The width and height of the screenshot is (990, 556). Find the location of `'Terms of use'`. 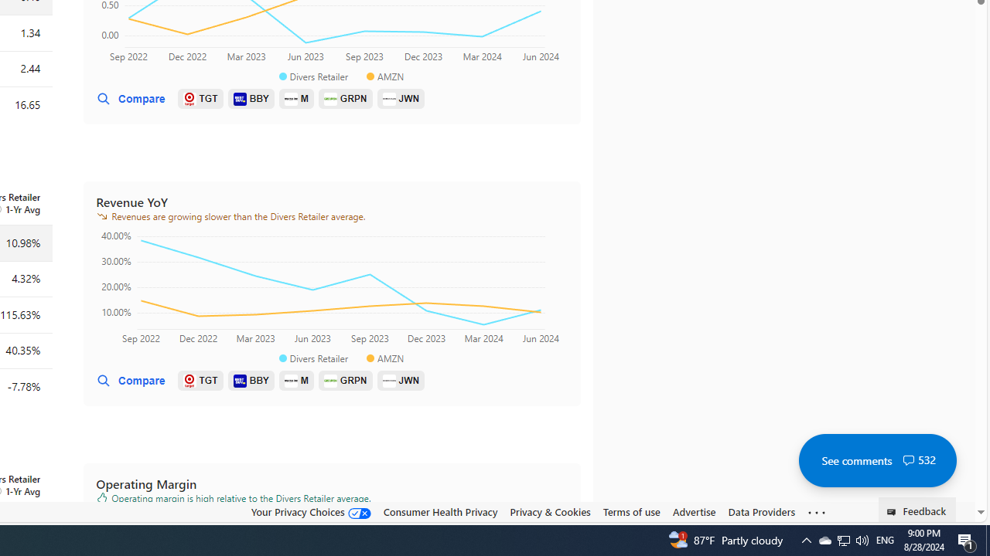

'Terms of use' is located at coordinates (631, 511).